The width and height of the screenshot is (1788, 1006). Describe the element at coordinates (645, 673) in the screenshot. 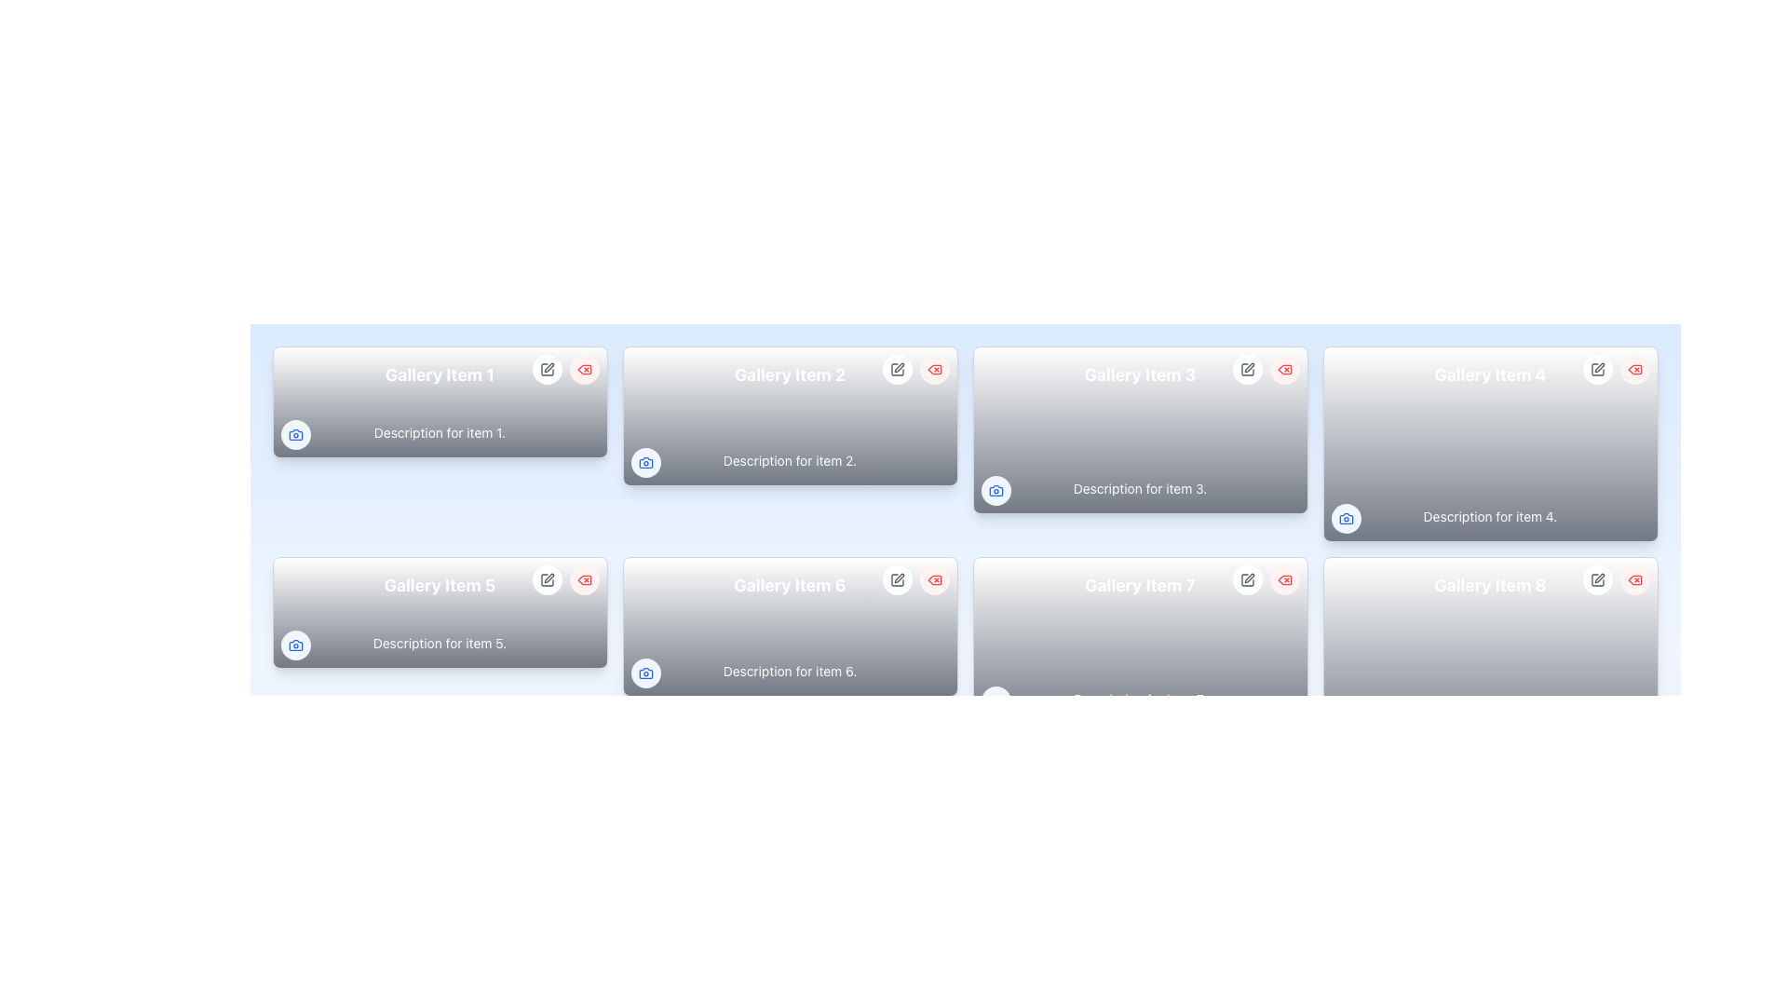

I see `the blue camera icon button located at the bottom-left corner of 'Gallery Item 6'` at that location.